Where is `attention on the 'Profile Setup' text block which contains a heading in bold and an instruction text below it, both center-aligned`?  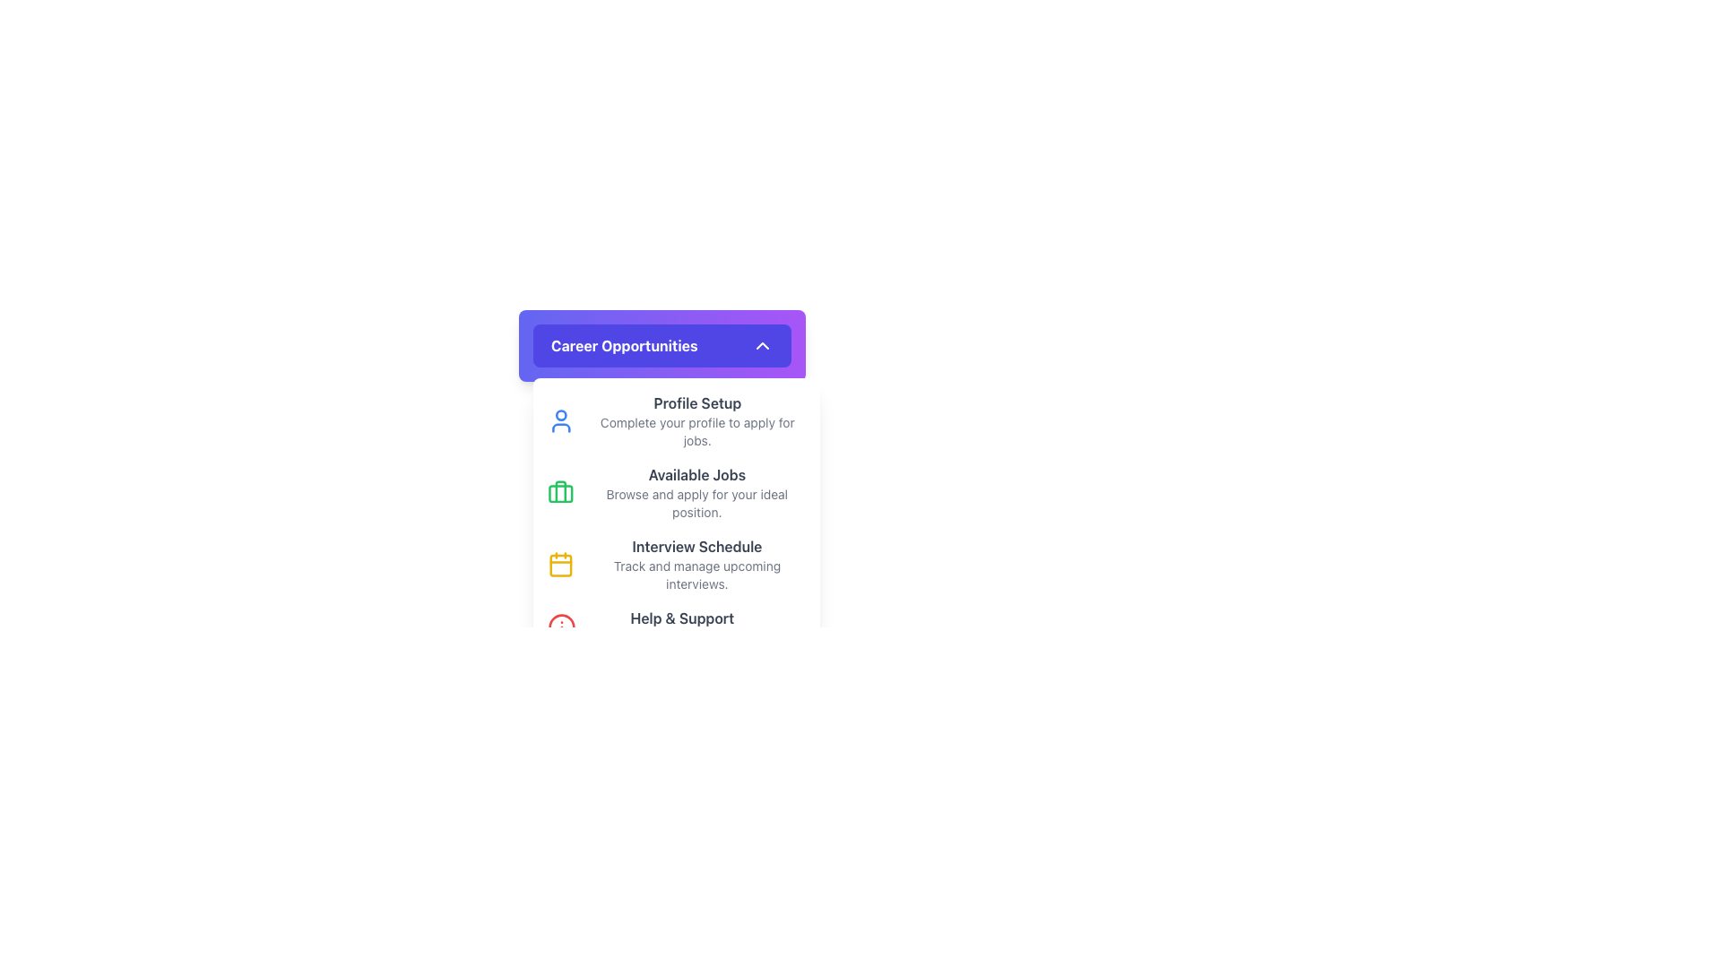 attention on the 'Profile Setup' text block which contains a heading in bold and an instruction text below it, both center-aligned is located at coordinates (696, 421).